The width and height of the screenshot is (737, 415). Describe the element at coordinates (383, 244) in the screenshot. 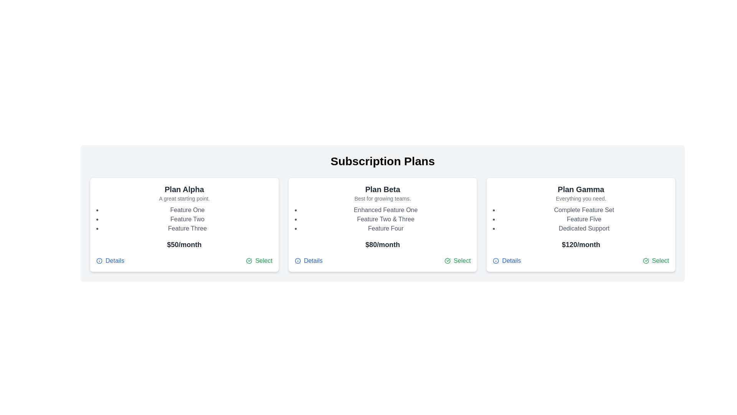

I see `the pricing information text display located in the center card labeled 'Plan Beta'` at that location.